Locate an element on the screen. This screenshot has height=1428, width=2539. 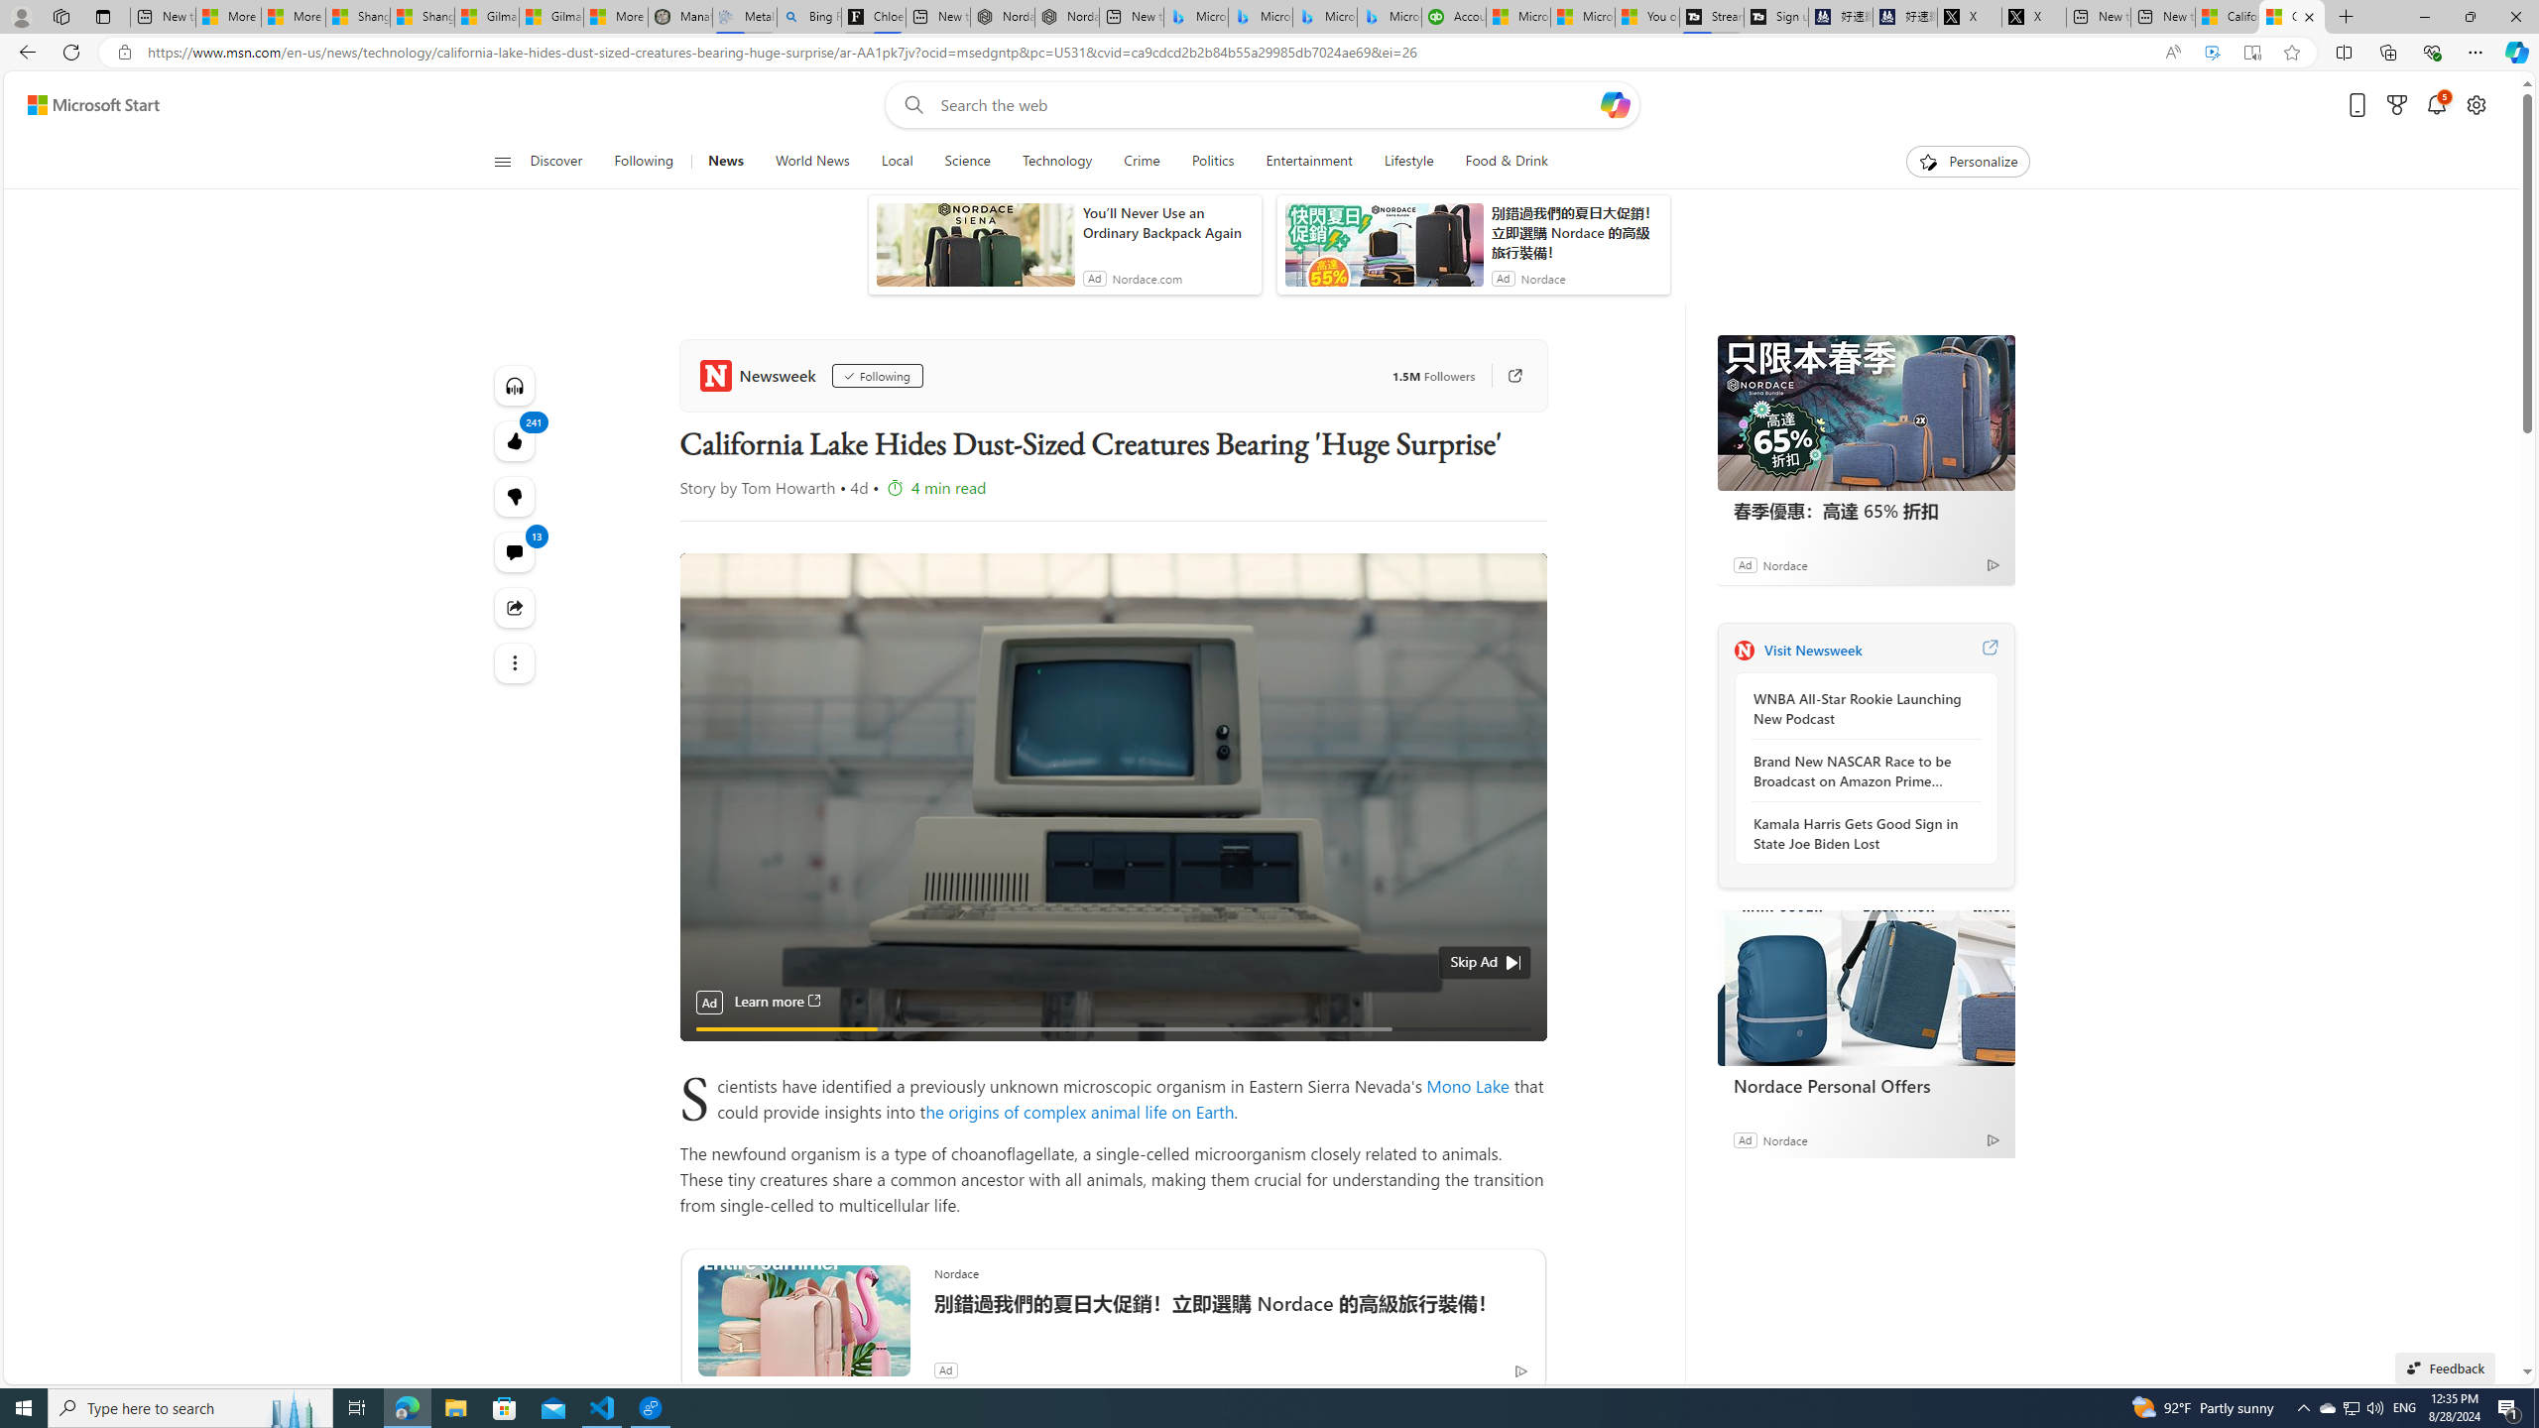
'More like this241Fewer like thisView comments' is located at coordinates (514, 497).